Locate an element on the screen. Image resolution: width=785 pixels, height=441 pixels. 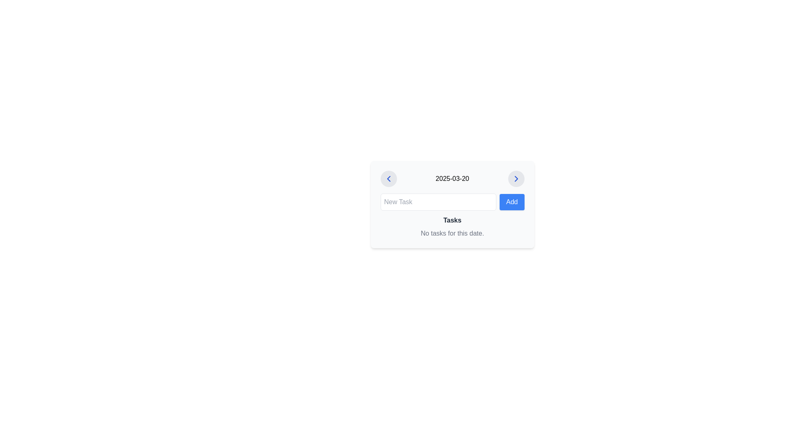
the blue arrow icon pointing to the right, which is located at the top-right corner of a card component is located at coordinates (516, 178).